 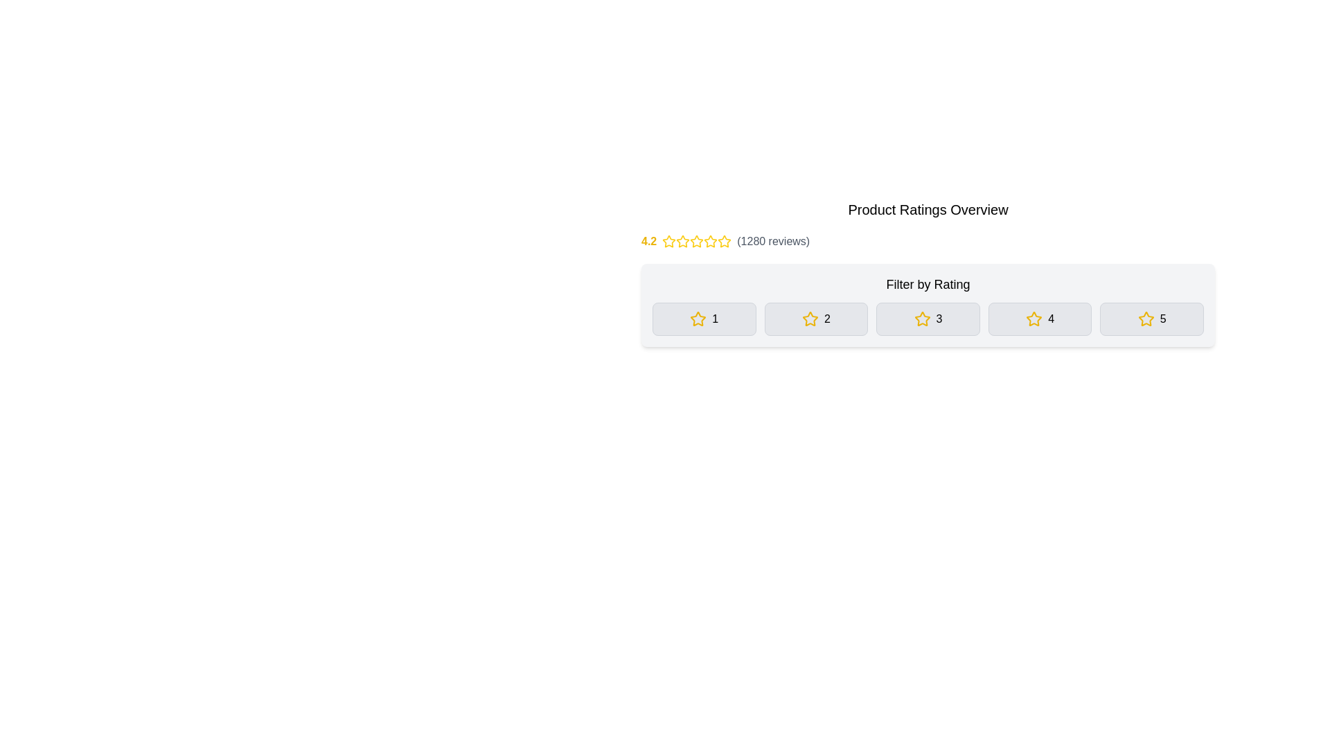 I want to click on the numeric indicator representing the count of items associated with the '3-star' rating, so click(x=939, y=319).